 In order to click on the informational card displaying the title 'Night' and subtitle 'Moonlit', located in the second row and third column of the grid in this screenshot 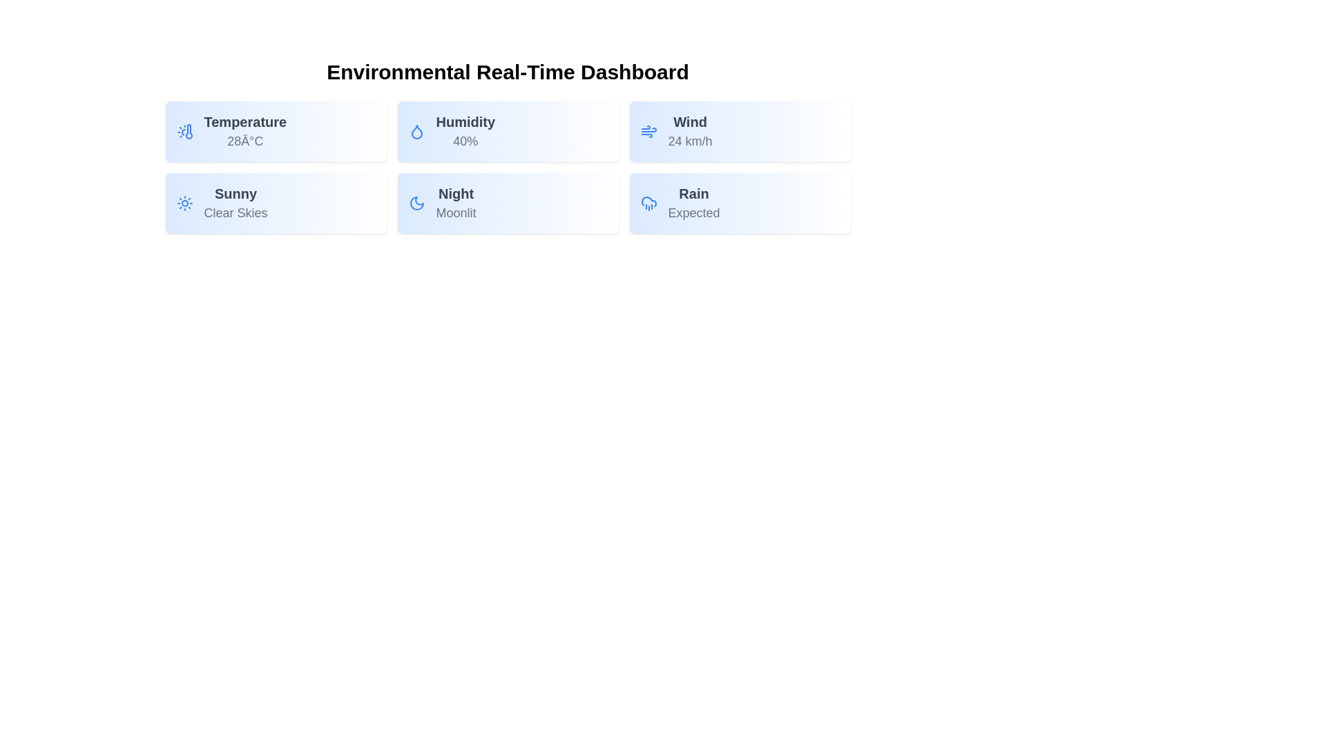, I will do `click(507, 203)`.